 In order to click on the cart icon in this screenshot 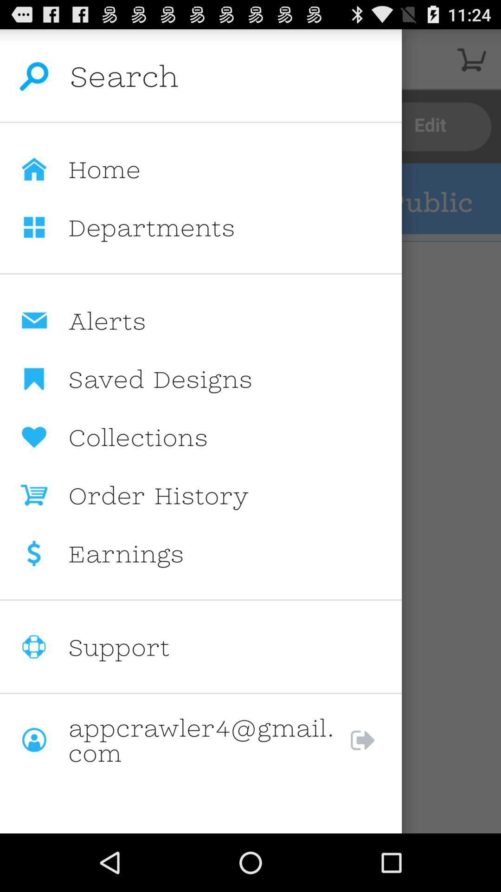, I will do `click(472, 63)`.